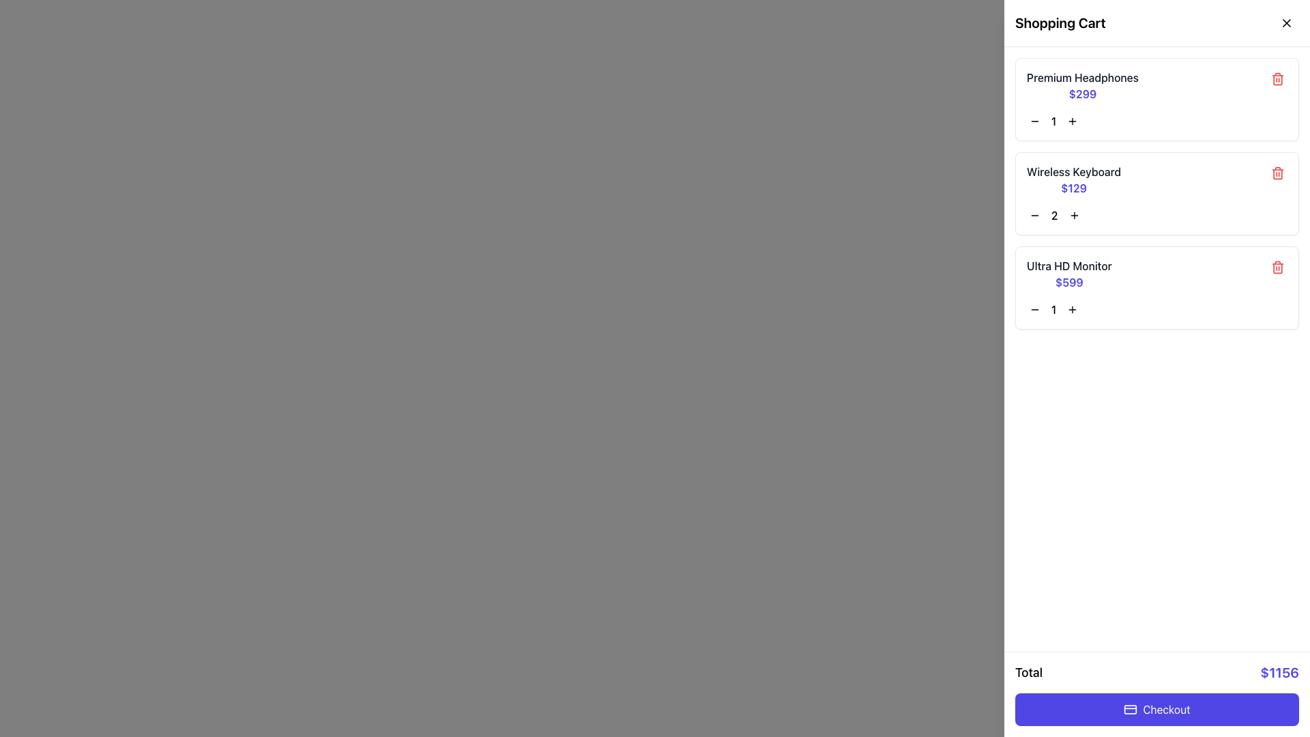 Image resolution: width=1310 pixels, height=737 pixels. Describe the element at coordinates (1034, 120) in the screenshot. I see `the minus-symbol icon, which serves as a decrement control for reducing the quantity of the first cart item in the shopping cart` at that location.